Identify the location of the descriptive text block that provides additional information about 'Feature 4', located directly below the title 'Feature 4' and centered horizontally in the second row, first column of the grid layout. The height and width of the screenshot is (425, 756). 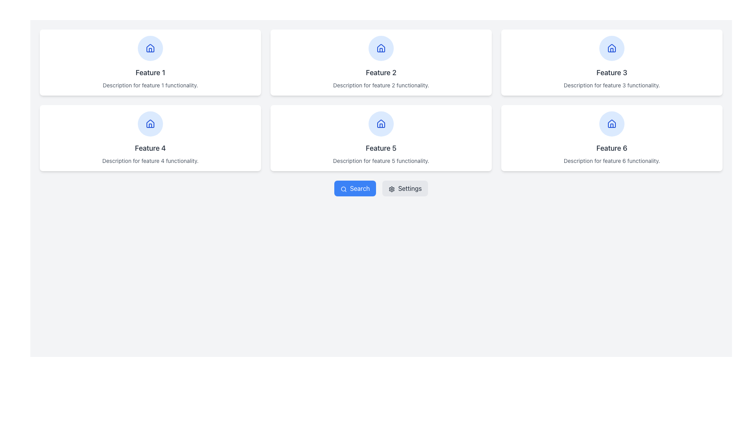
(150, 160).